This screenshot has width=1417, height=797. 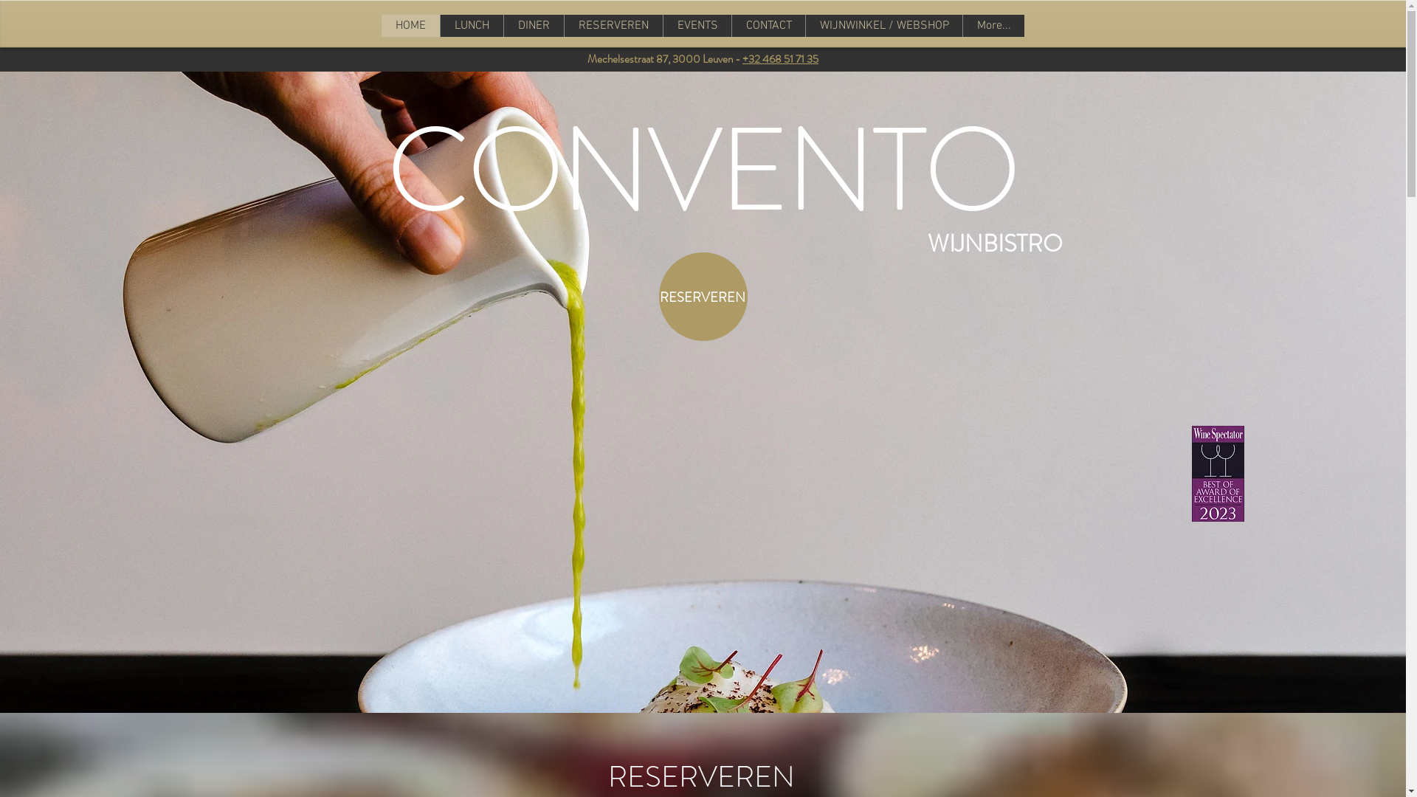 What do you see at coordinates (892, 25) in the screenshot?
I see `'CONTACT'` at bounding box center [892, 25].